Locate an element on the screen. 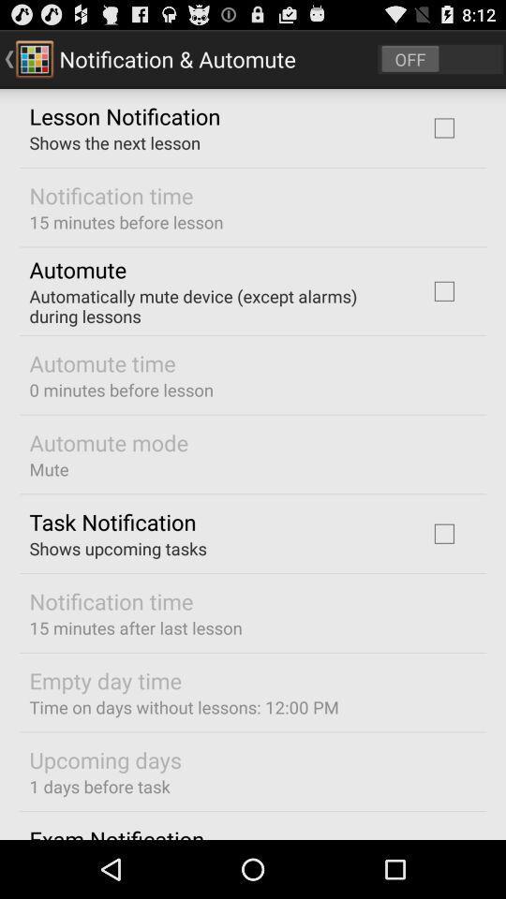  the empty day time icon is located at coordinates (105, 679).